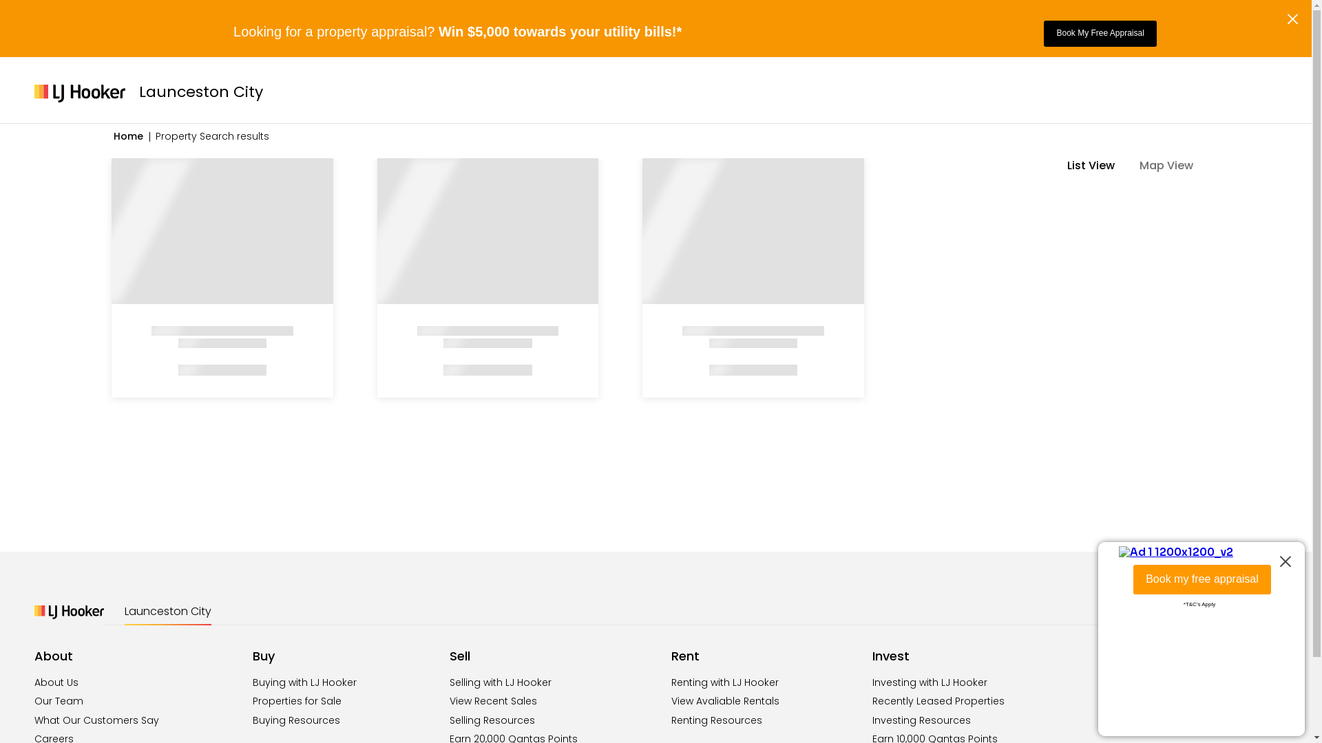 The height and width of the screenshot is (743, 1322). I want to click on 'Launceston City', so click(167, 610).